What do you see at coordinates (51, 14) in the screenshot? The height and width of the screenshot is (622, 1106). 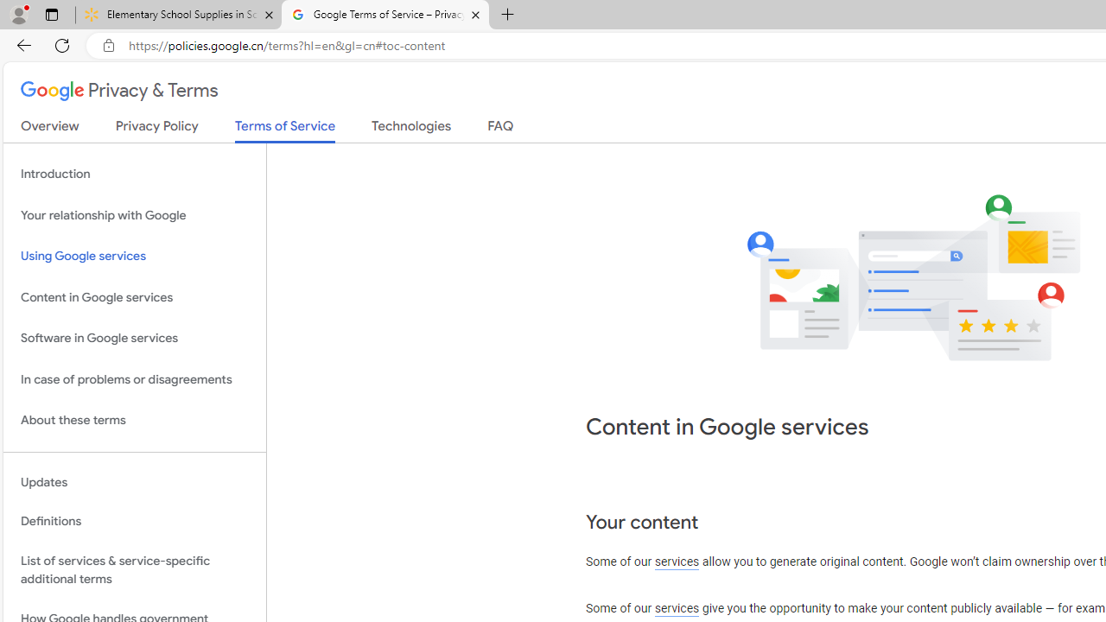 I see `'Tab actions menu'` at bounding box center [51, 14].